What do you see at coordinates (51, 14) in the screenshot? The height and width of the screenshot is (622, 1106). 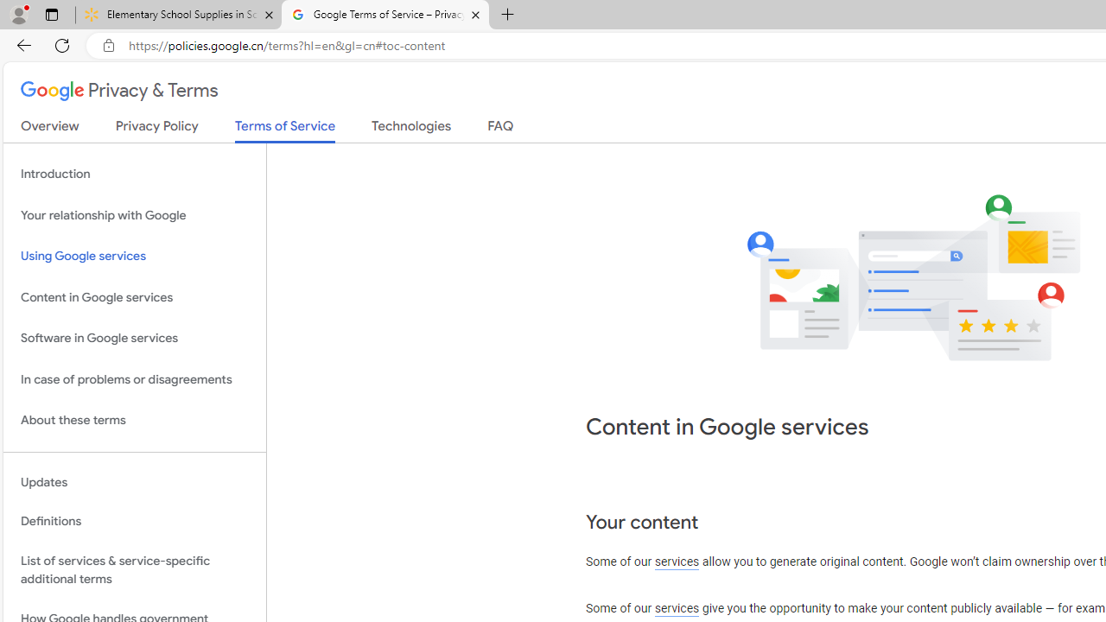 I see `'Tab actions menu'` at bounding box center [51, 14].